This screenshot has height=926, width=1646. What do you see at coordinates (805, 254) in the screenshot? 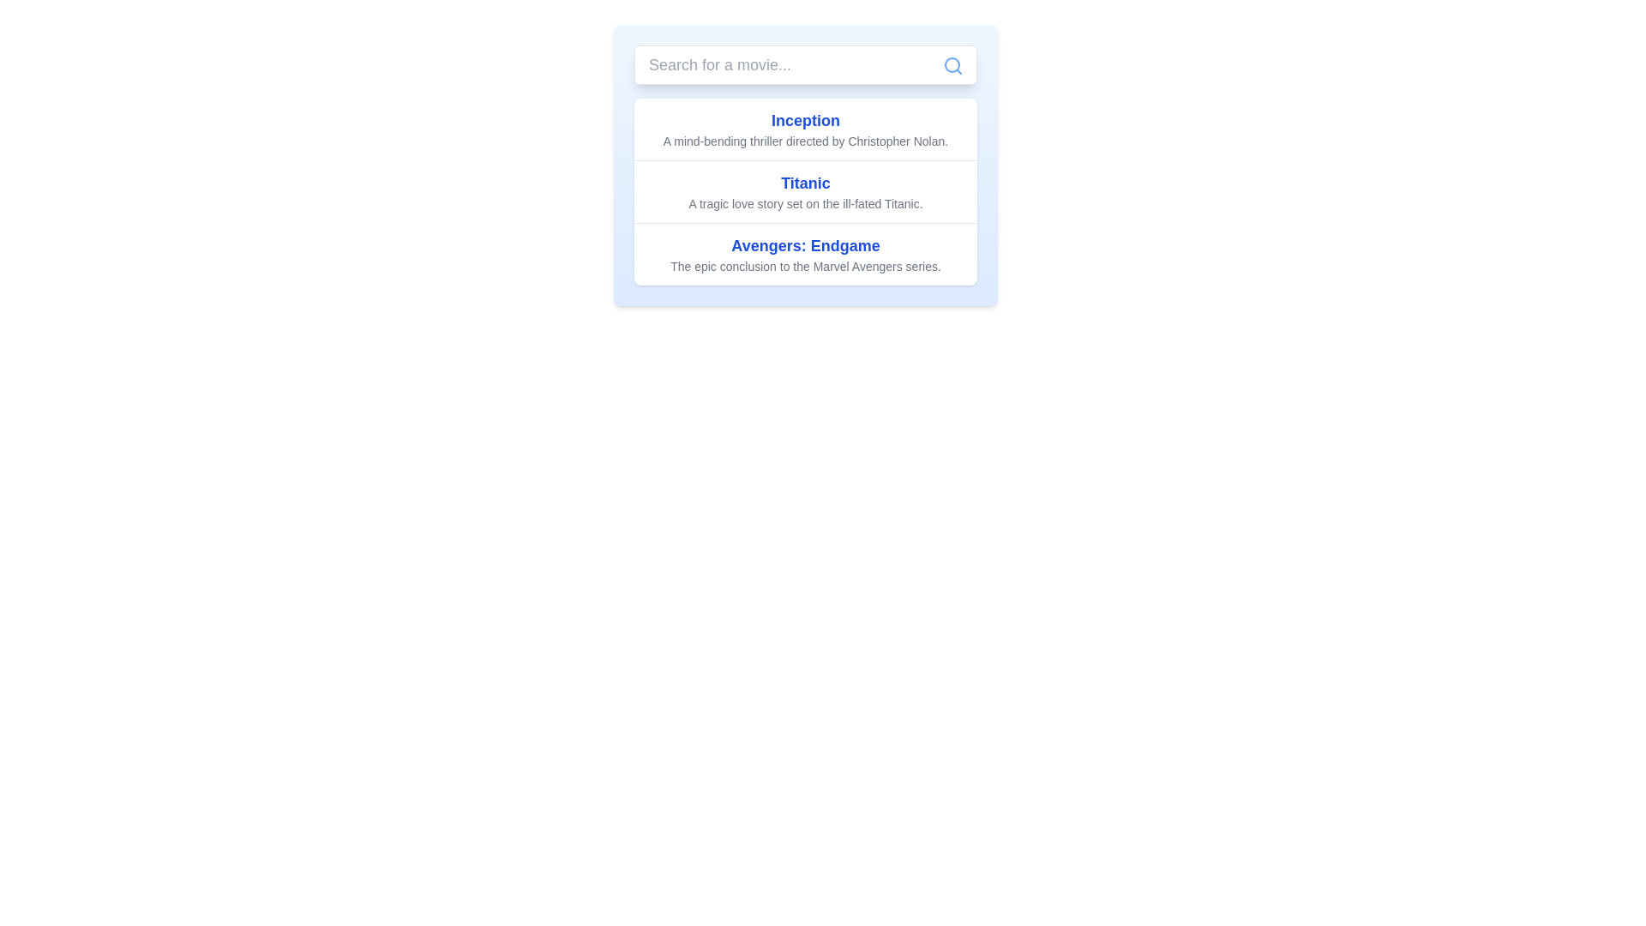
I see `the selectable card representing the movie 'Avengers: Endgame' in the list of movies` at bounding box center [805, 254].